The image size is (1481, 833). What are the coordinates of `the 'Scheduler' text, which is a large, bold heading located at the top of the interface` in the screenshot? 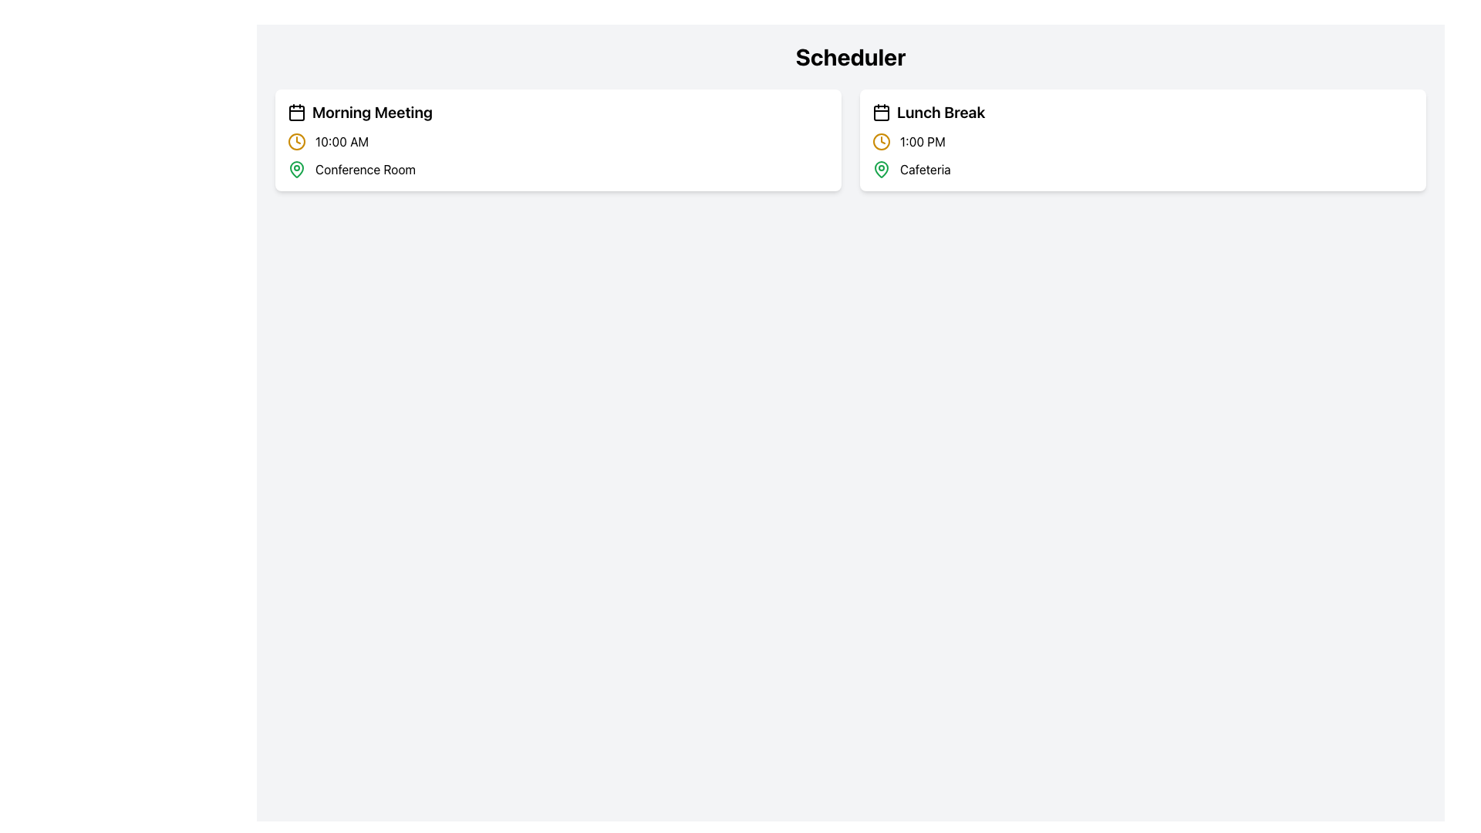 It's located at (850, 56).